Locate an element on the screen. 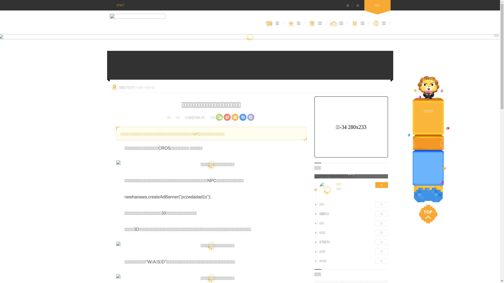 This screenshot has height=283, width=504. '17317' is located at coordinates (117, 5).